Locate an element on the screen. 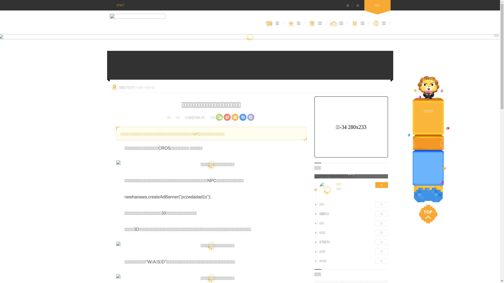 This screenshot has height=283, width=504. '17317' is located at coordinates (117, 5).